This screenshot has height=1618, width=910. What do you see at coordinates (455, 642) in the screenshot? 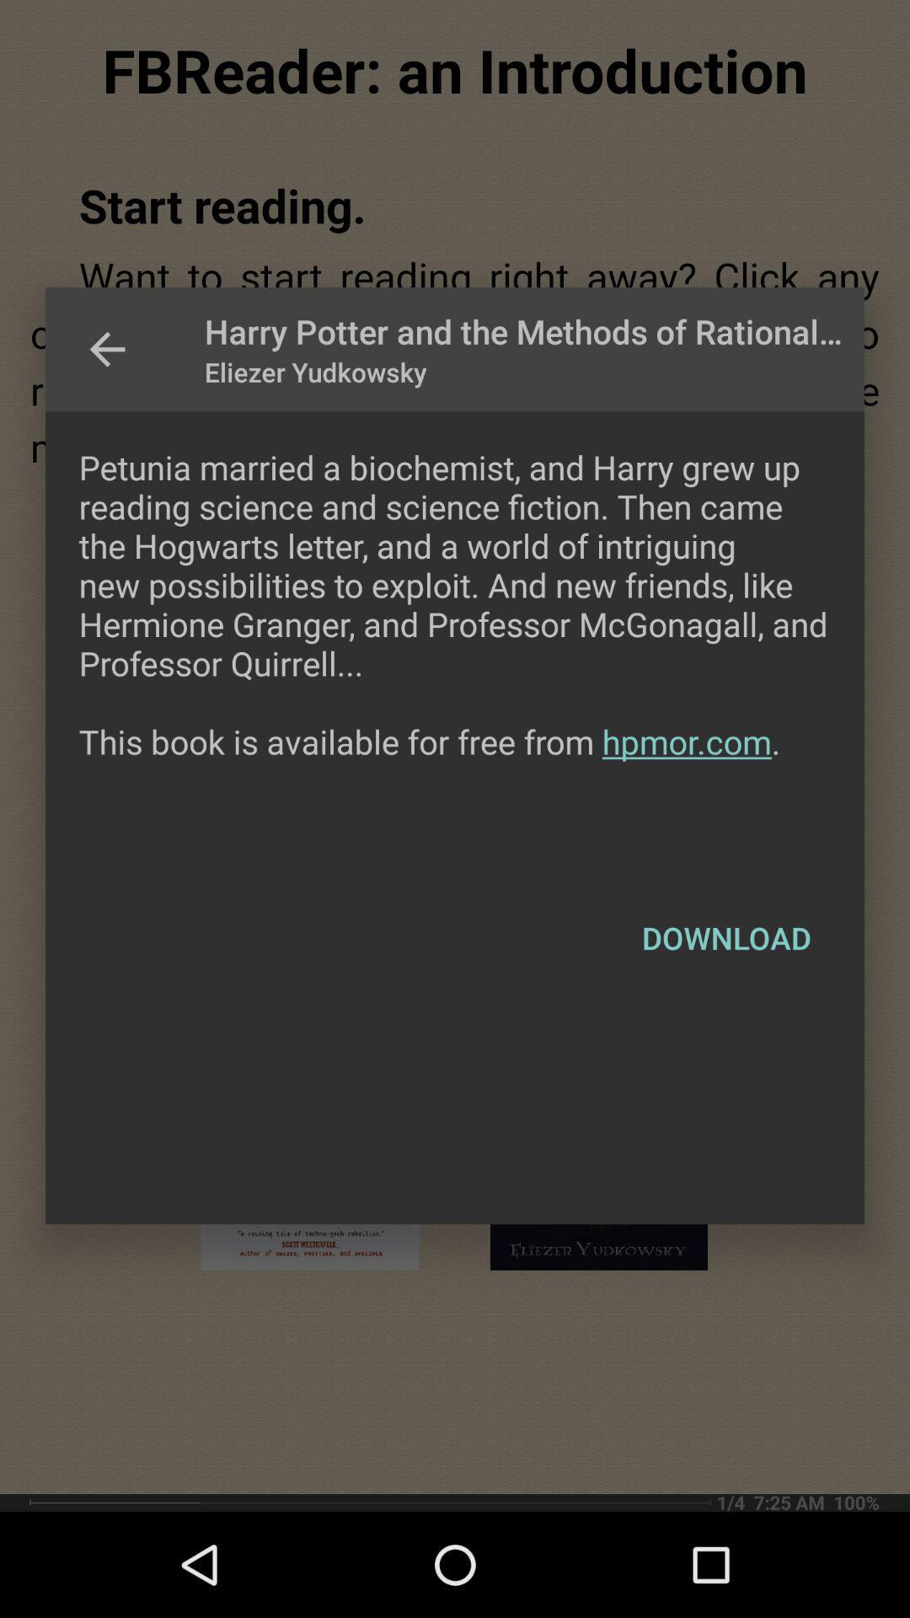
I see `the item at the center` at bounding box center [455, 642].